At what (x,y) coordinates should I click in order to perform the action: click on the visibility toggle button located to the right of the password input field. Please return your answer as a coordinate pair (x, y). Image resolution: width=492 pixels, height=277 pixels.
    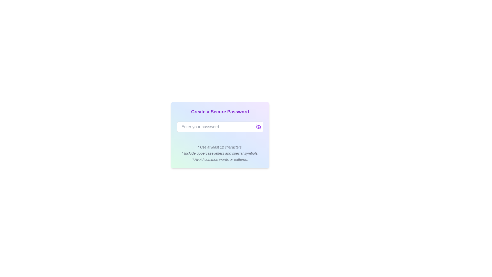
    Looking at the image, I should click on (258, 127).